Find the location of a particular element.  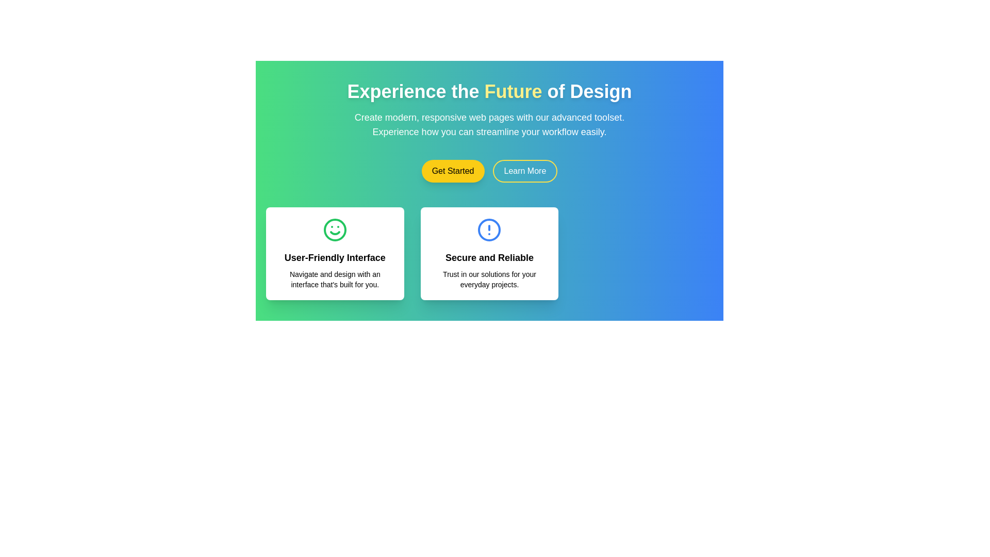

the text element that reads 'Trust in our solutions for your everyday projects.' which is located in the card labeled 'Secure and Reliable.' is located at coordinates (489, 280).